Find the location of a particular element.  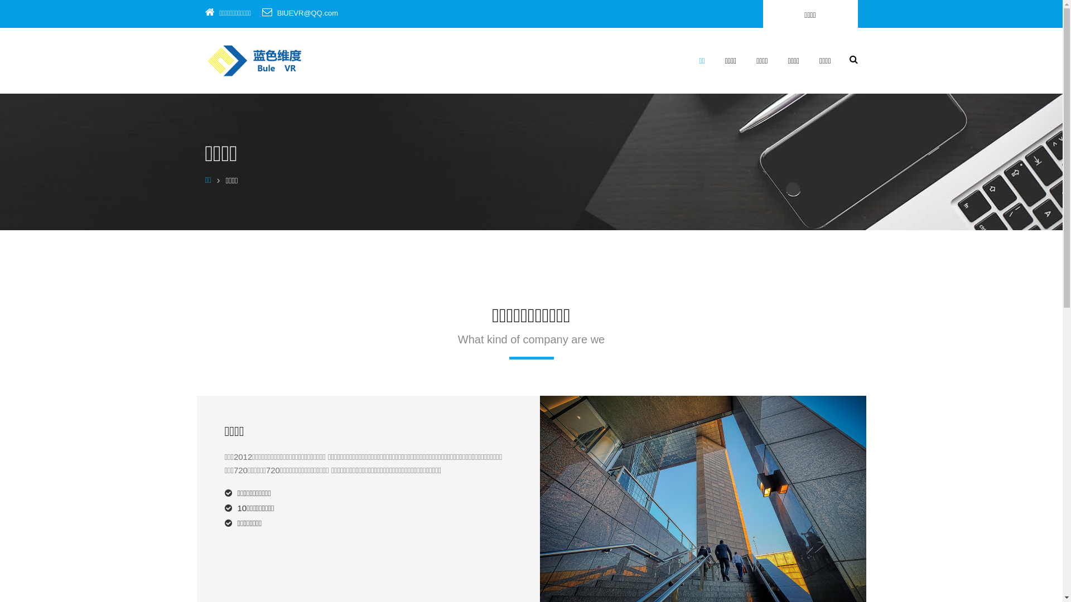

'BlUEVR@QQ.com' is located at coordinates (277, 13).